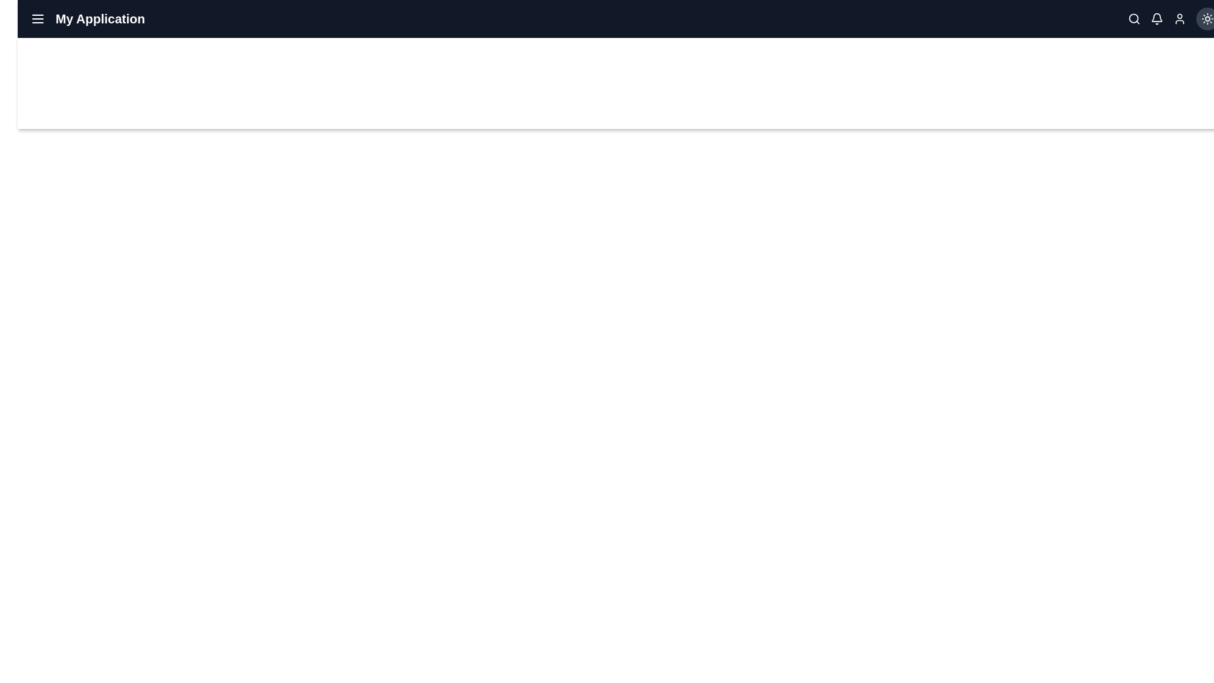 This screenshot has width=1214, height=683. I want to click on the menu toggle button located in the top-left corner of the interface, so click(37, 19).